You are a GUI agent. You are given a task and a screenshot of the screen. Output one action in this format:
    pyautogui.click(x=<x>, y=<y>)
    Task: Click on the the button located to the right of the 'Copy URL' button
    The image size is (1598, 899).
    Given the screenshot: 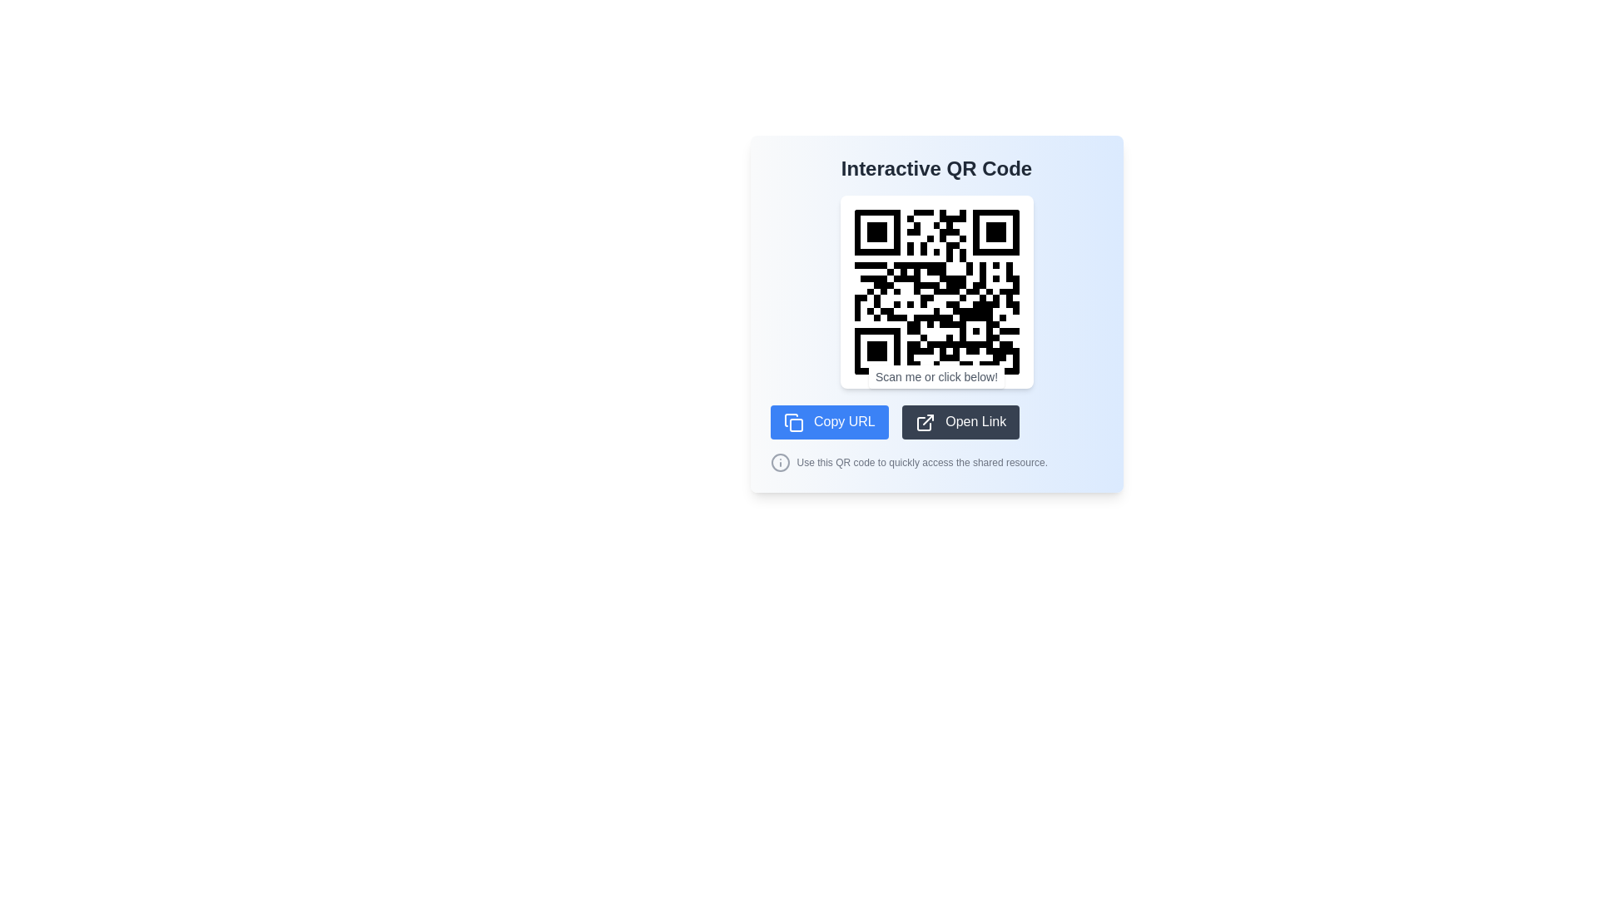 What is the action you would take?
    pyautogui.click(x=960, y=421)
    